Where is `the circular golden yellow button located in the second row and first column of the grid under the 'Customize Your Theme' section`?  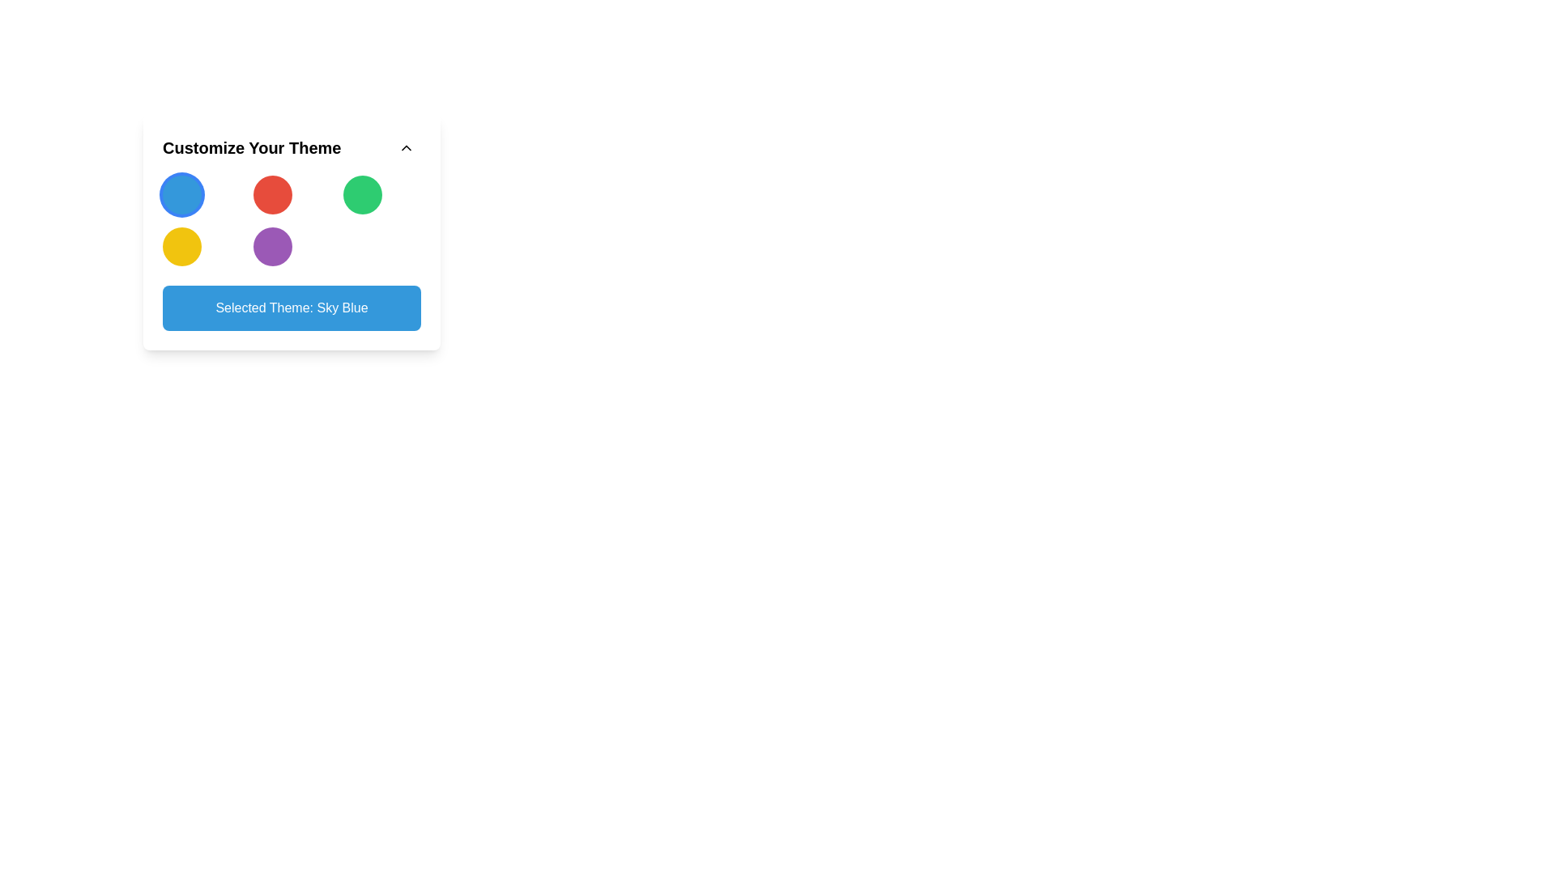 the circular golden yellow button located in the second row and first column of the grid under the 'Customize Your Theme' section is located at coordinates (182, 246).